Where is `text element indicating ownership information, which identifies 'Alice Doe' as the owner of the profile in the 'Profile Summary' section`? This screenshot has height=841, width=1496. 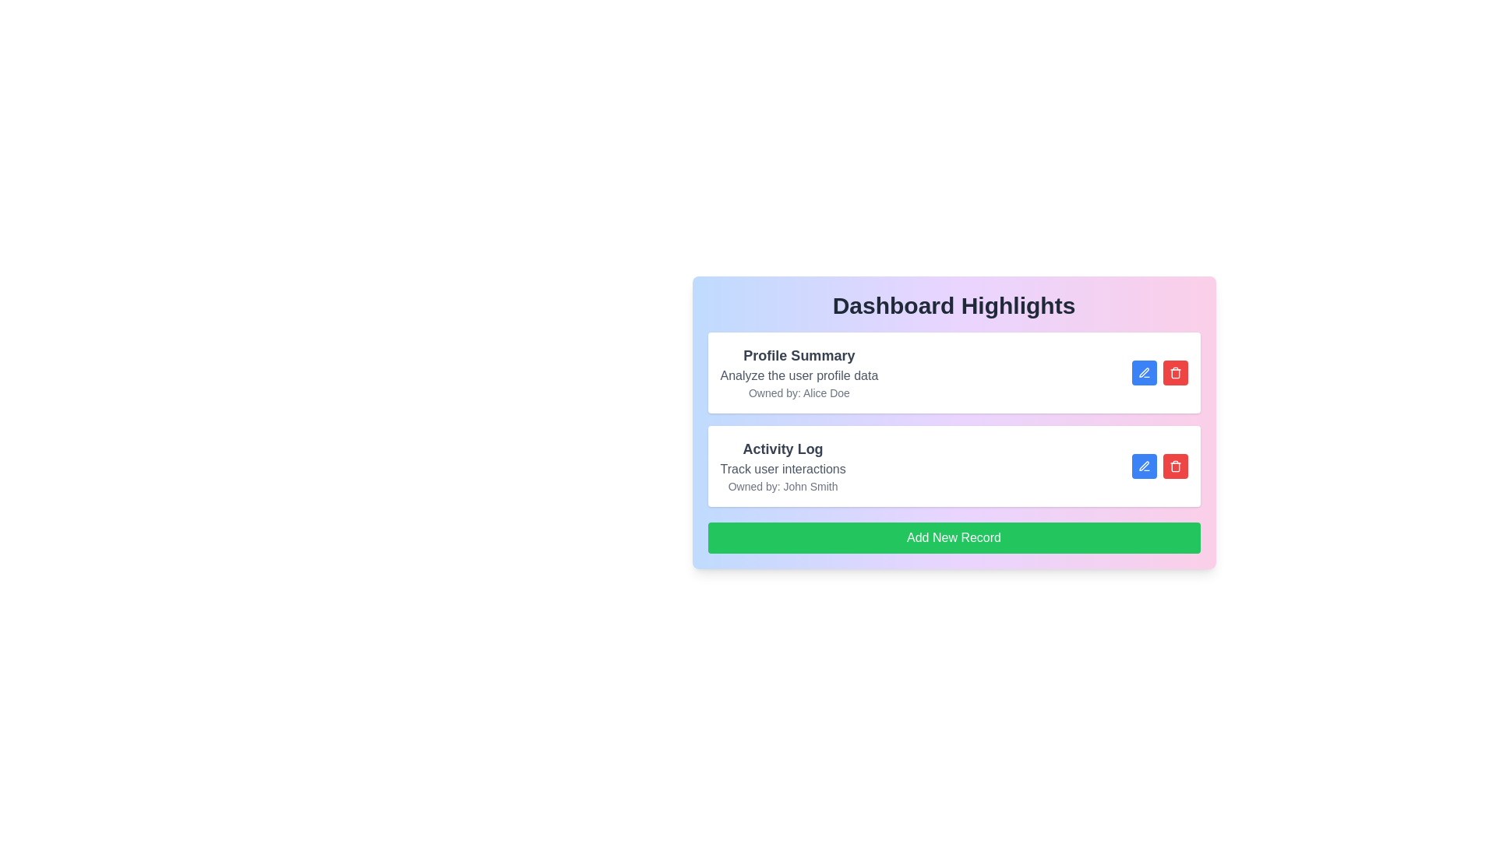
text element indicating ownership information, which identifies 'Alice Doe' as the owner of the profile in the 'Profile Summary' section is located at coordinates (799, 392).